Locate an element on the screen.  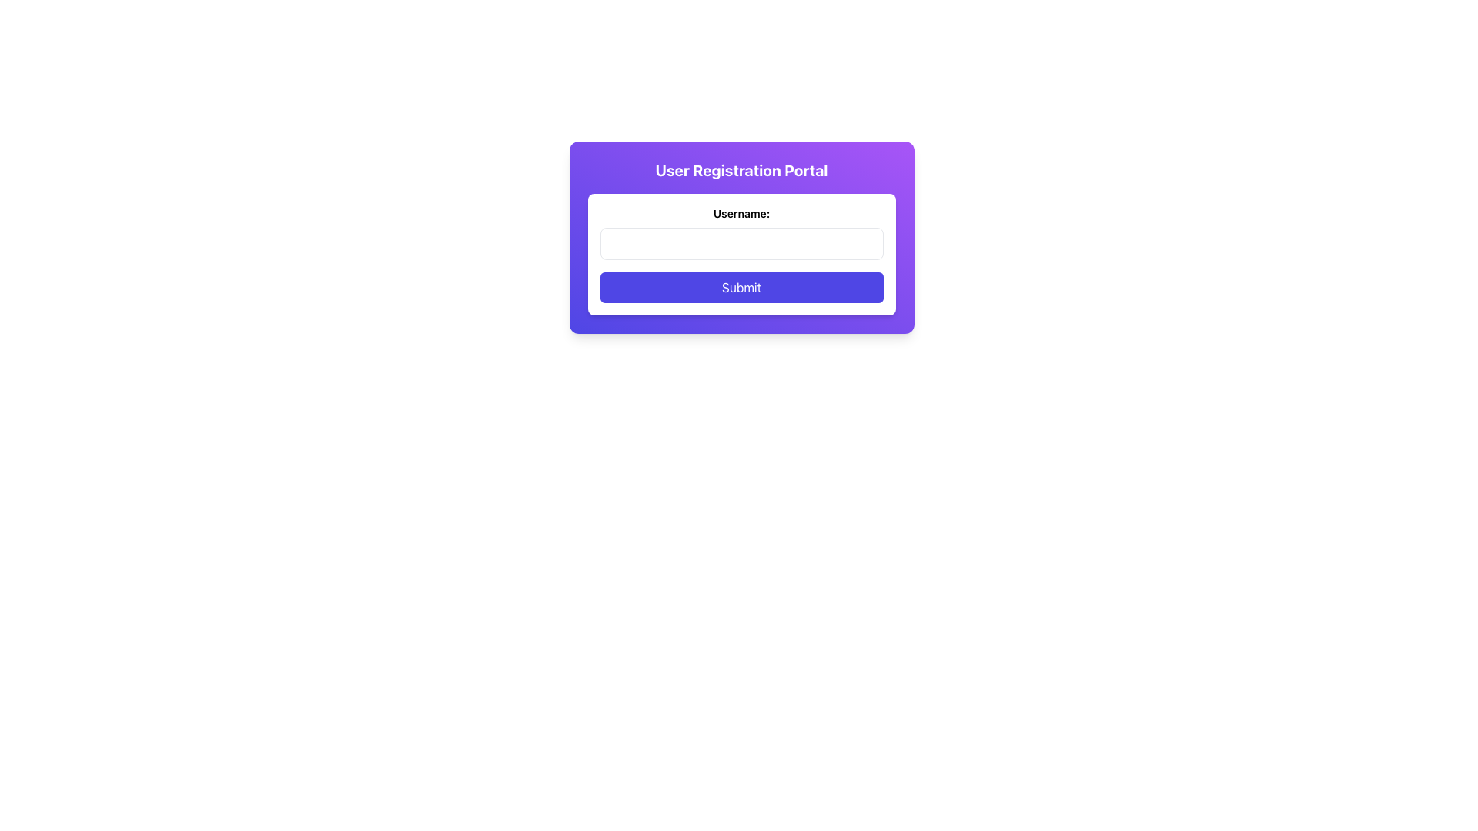
text label or heading that serves as the title for the user registration portal, which is located at the top of the card styled with a gradient purple background is located at coordinates (741, 171).